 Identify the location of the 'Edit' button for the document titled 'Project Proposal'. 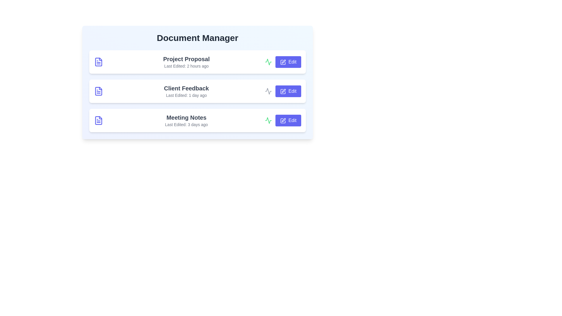
(288, 62).